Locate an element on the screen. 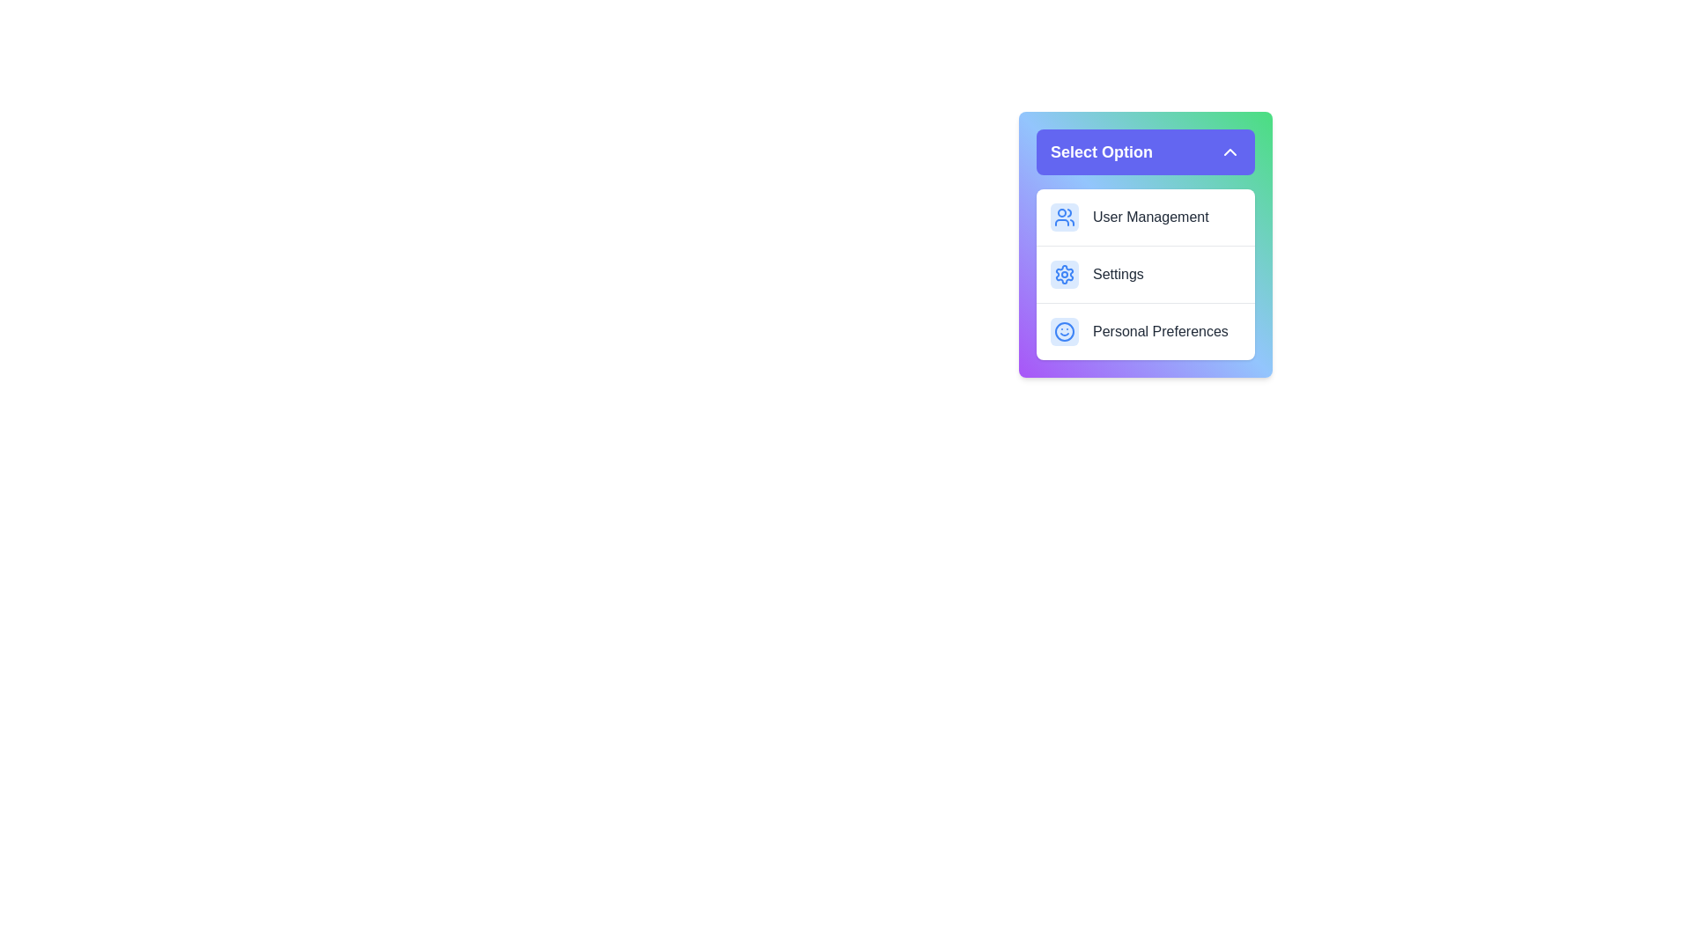 The width and height of the screenshot is (1691, 951). the upward-pointing chevron icon button with a white border and purple background located in the top-right corner of the 'Select Option' header is located at coordinates (1229, 151).